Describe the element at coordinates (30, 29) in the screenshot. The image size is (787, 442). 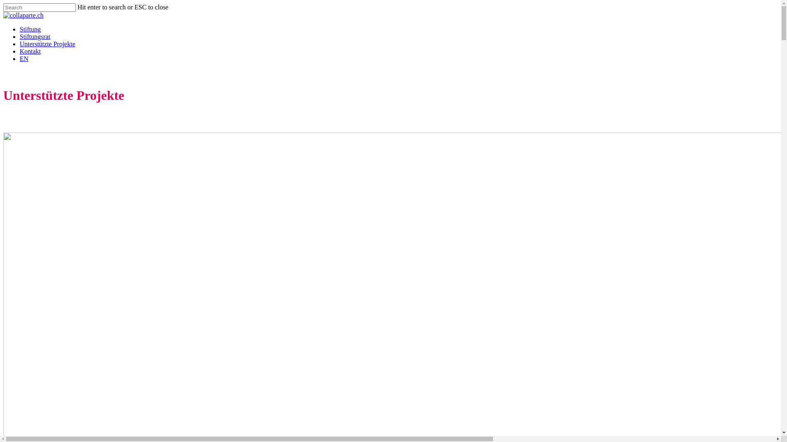
I see `'Stiftung'` at that location.